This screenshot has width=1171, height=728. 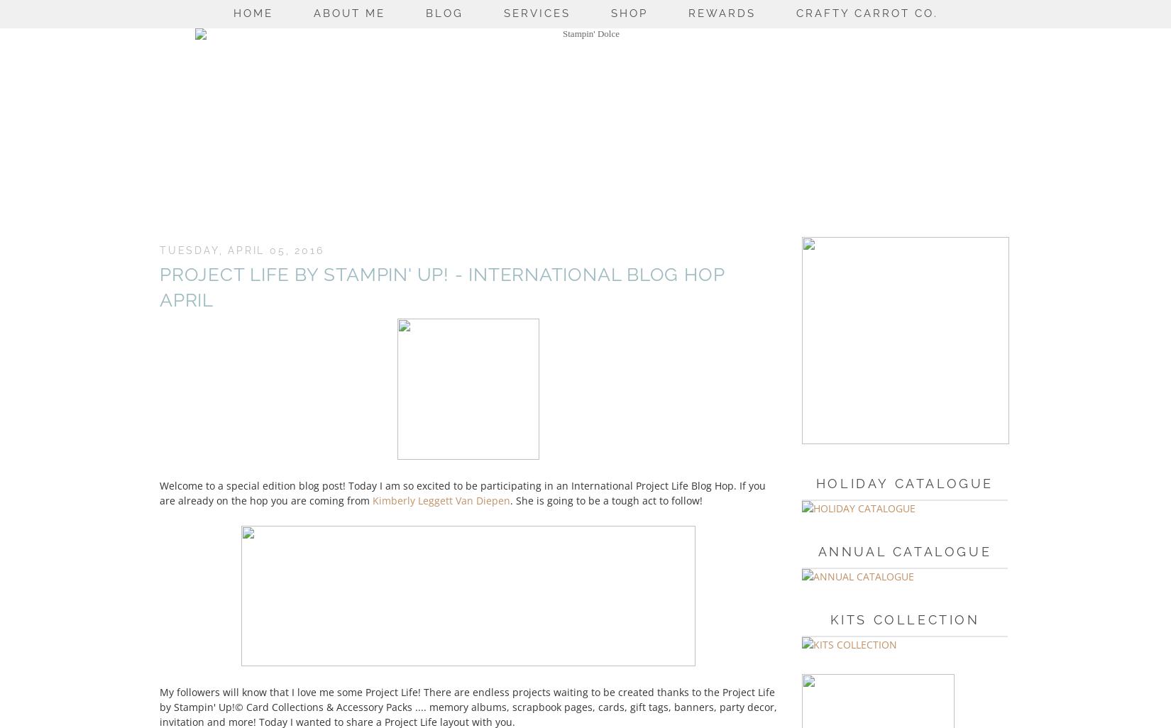 What do you see at coordinates (253, 13) in the screenshot?
I see `'Home'` at bounding box center [253, 13].